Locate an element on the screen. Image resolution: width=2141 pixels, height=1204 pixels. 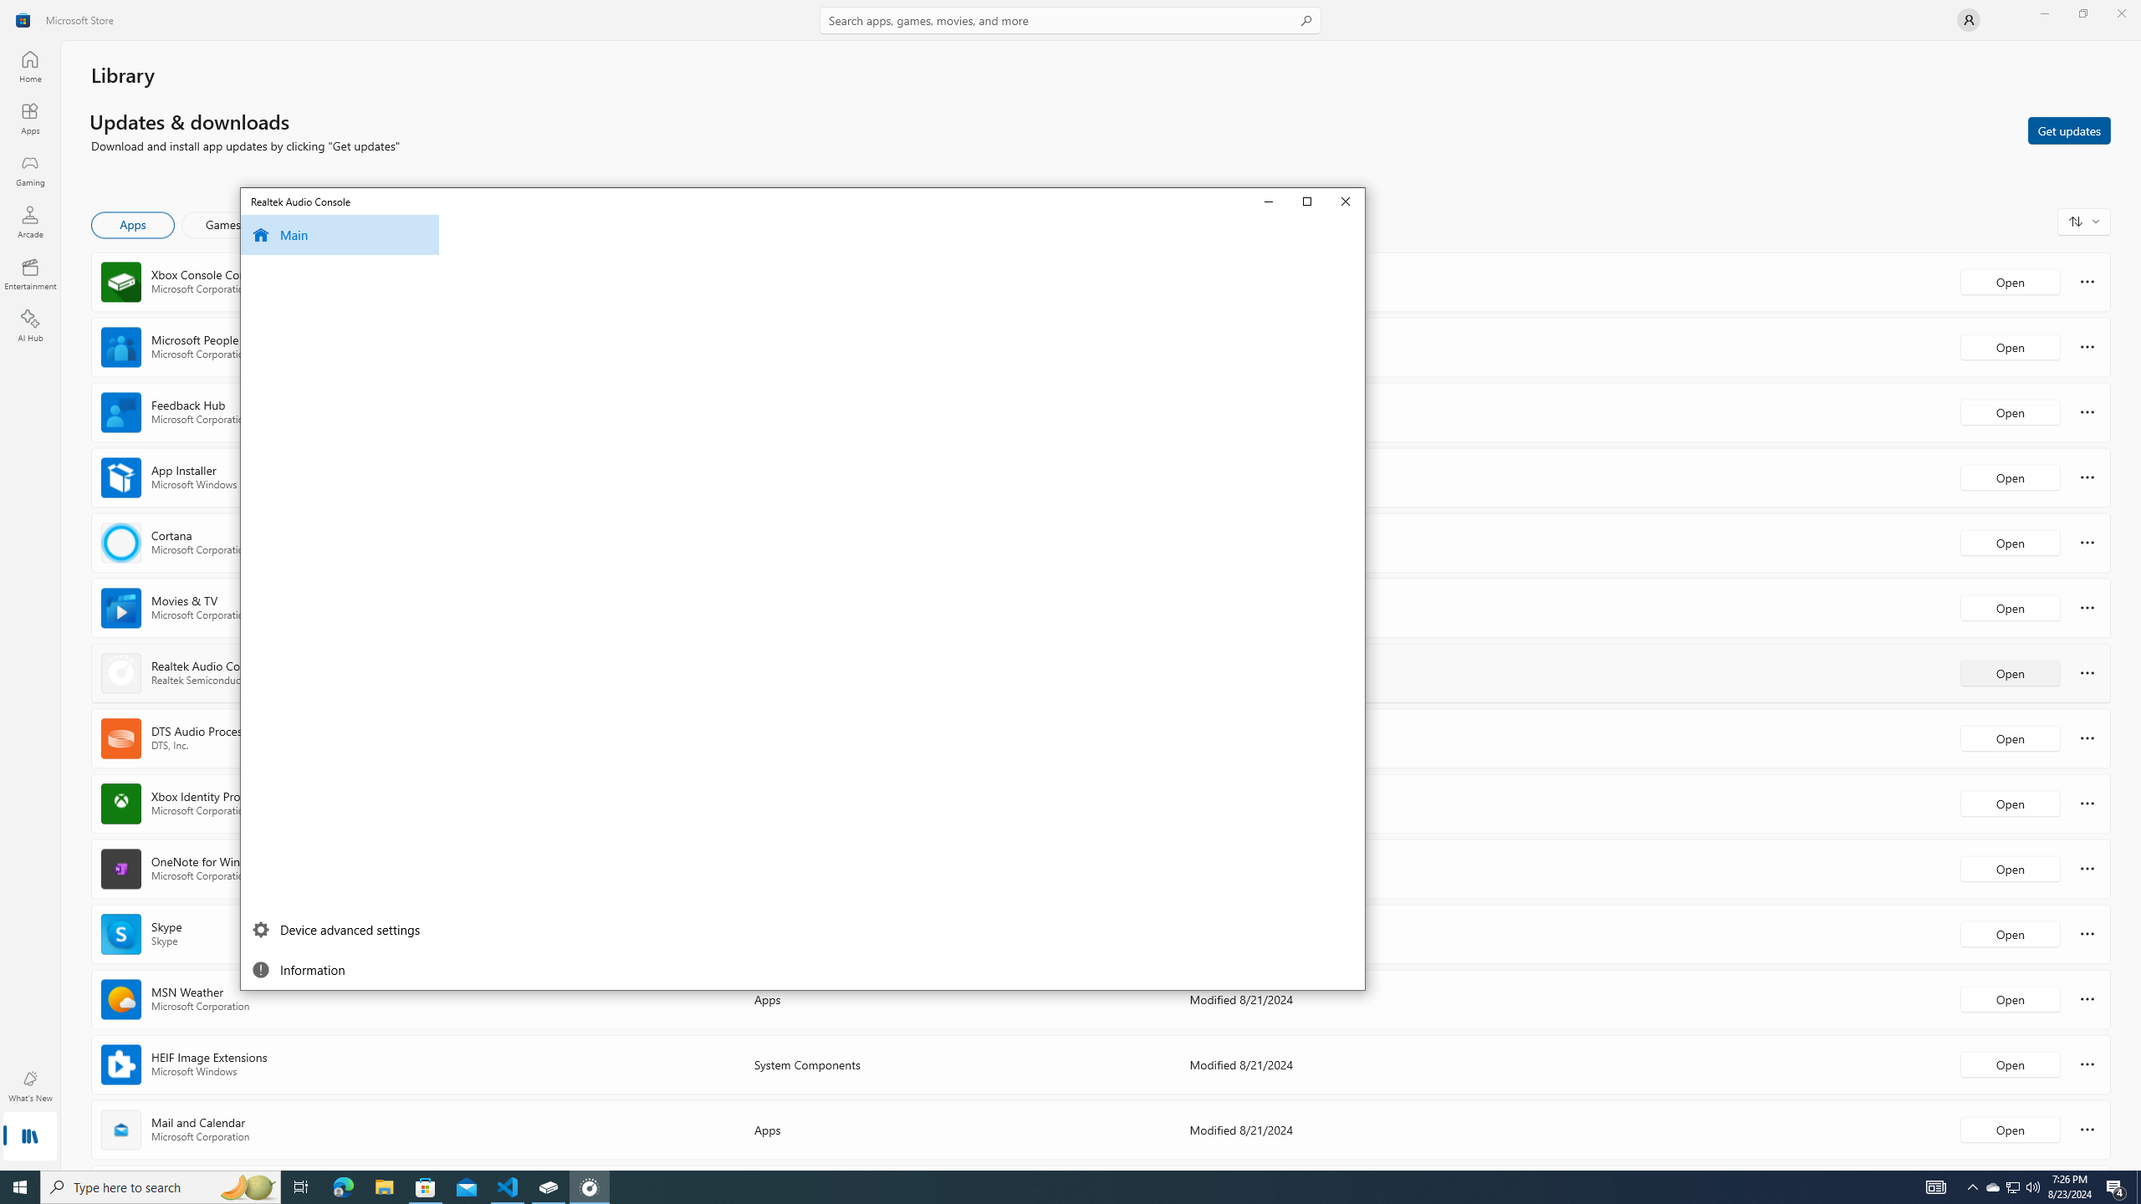
'Search' is located at coordinates (1070, 19).